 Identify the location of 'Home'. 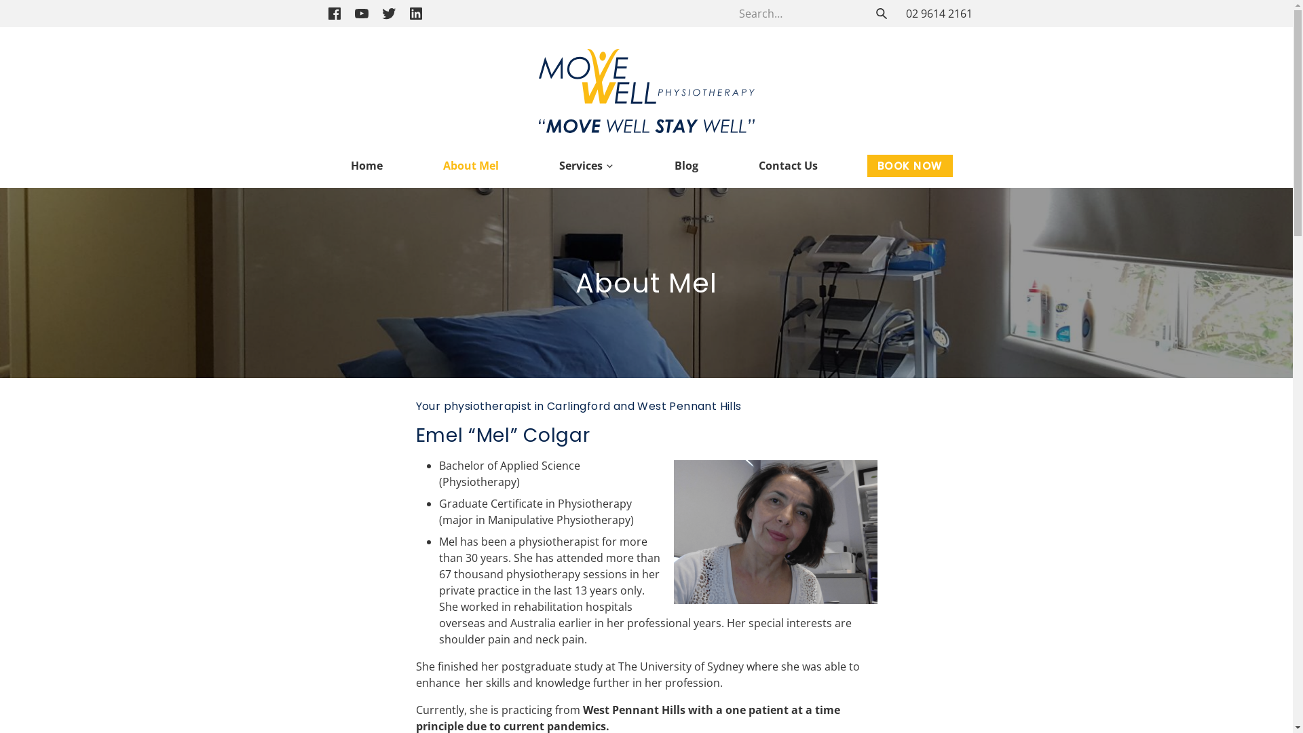
(339, 164).